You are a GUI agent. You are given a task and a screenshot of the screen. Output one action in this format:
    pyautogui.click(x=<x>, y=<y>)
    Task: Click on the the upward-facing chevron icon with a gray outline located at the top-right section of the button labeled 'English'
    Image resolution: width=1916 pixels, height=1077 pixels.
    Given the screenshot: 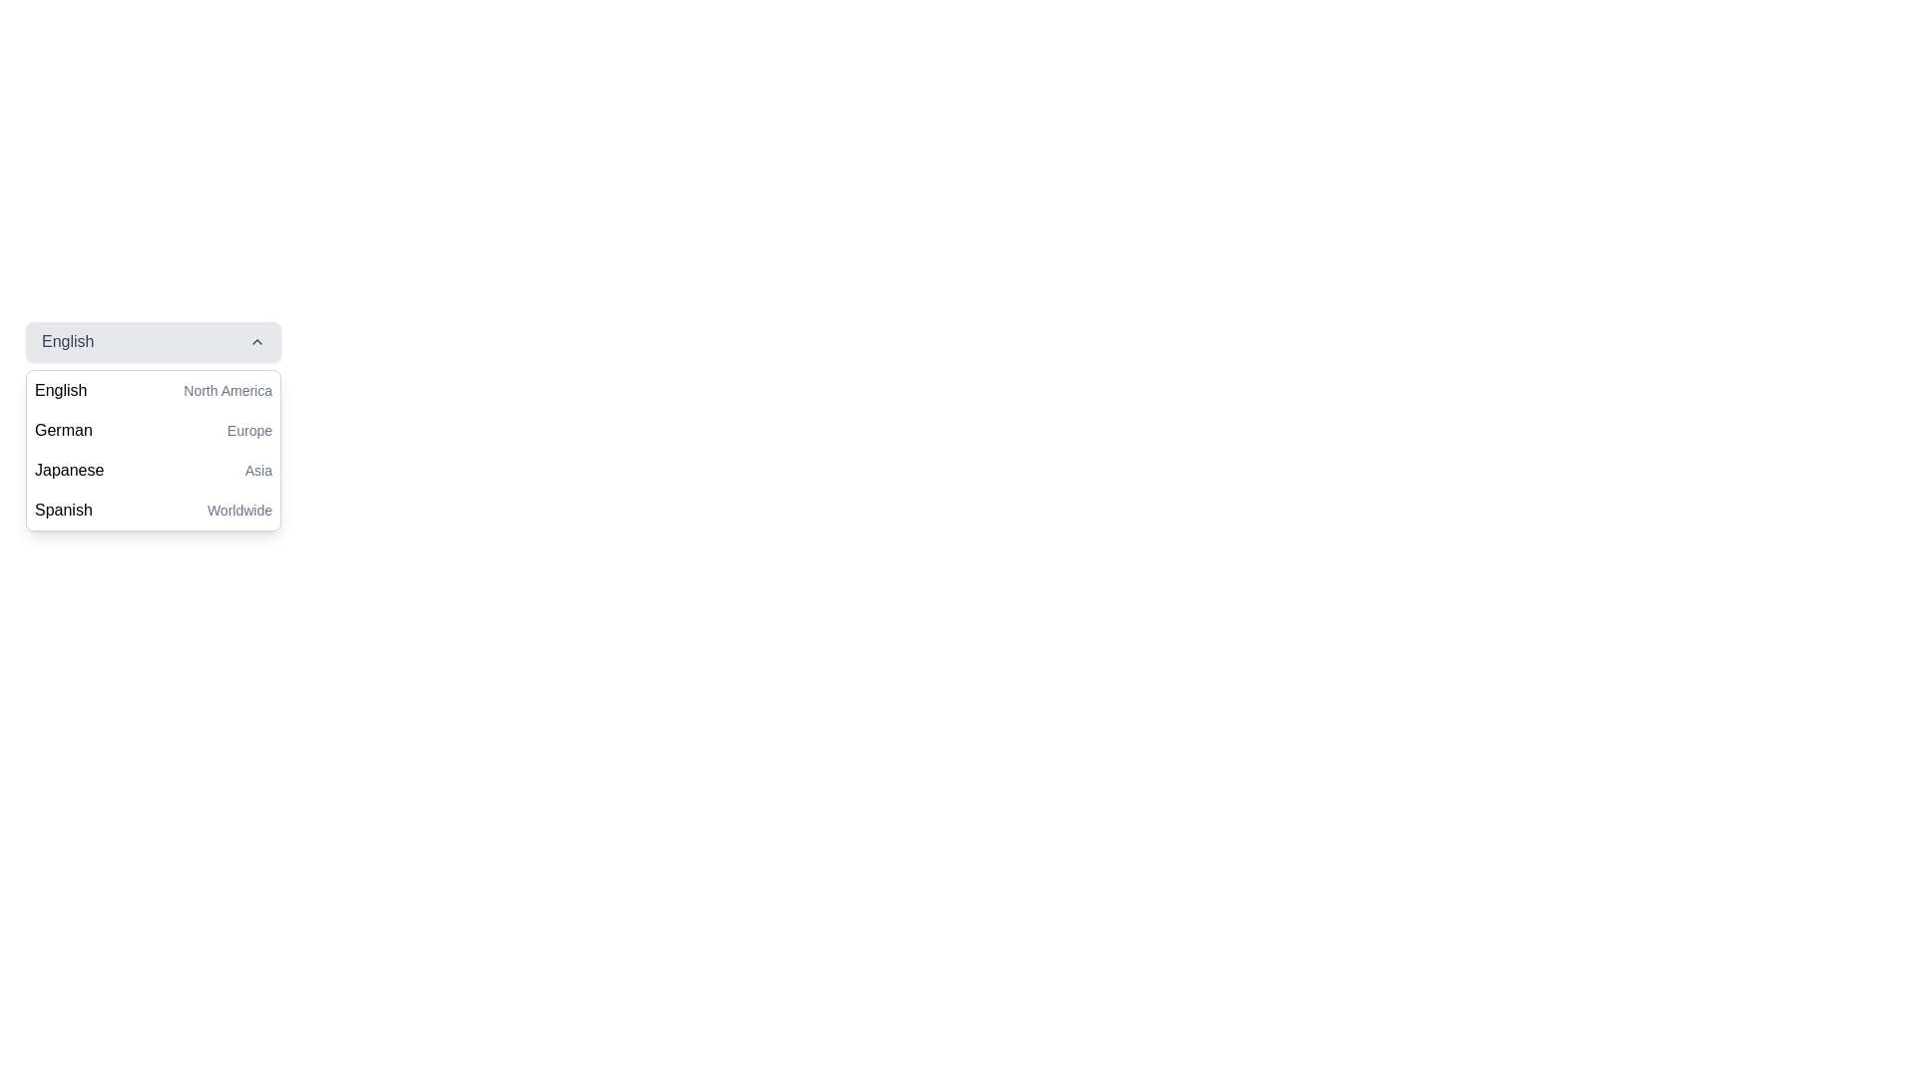 What is the action you would take?
    pyautogui.click(x=256, y=341)
    